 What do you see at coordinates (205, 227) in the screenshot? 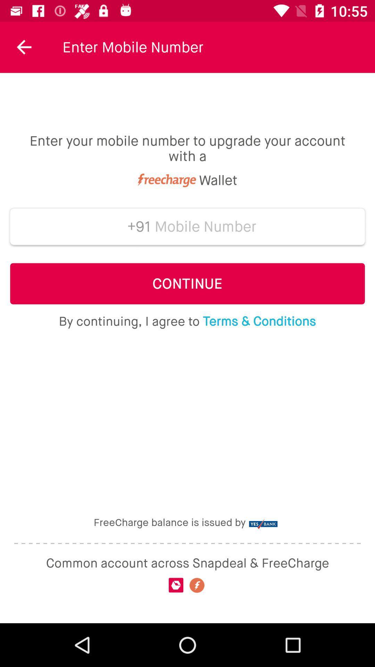
I see `line to enter your mobile number` at bounding box center [205, 227].